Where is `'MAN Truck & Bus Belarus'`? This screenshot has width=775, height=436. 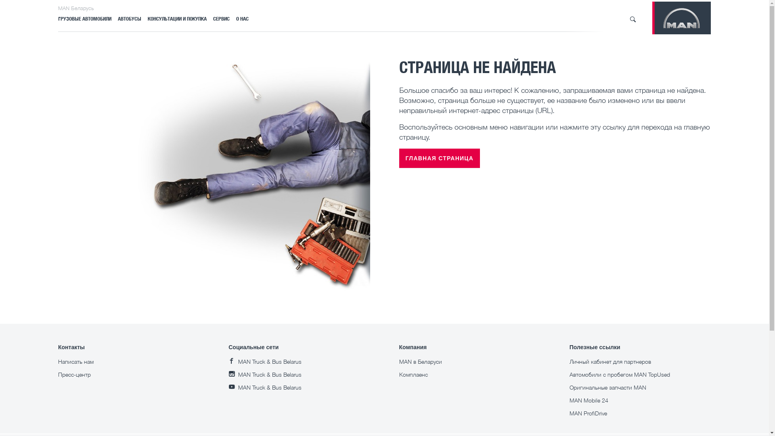 'MAN Truck & Bus Belarus' is located at coordinates (265, 361).